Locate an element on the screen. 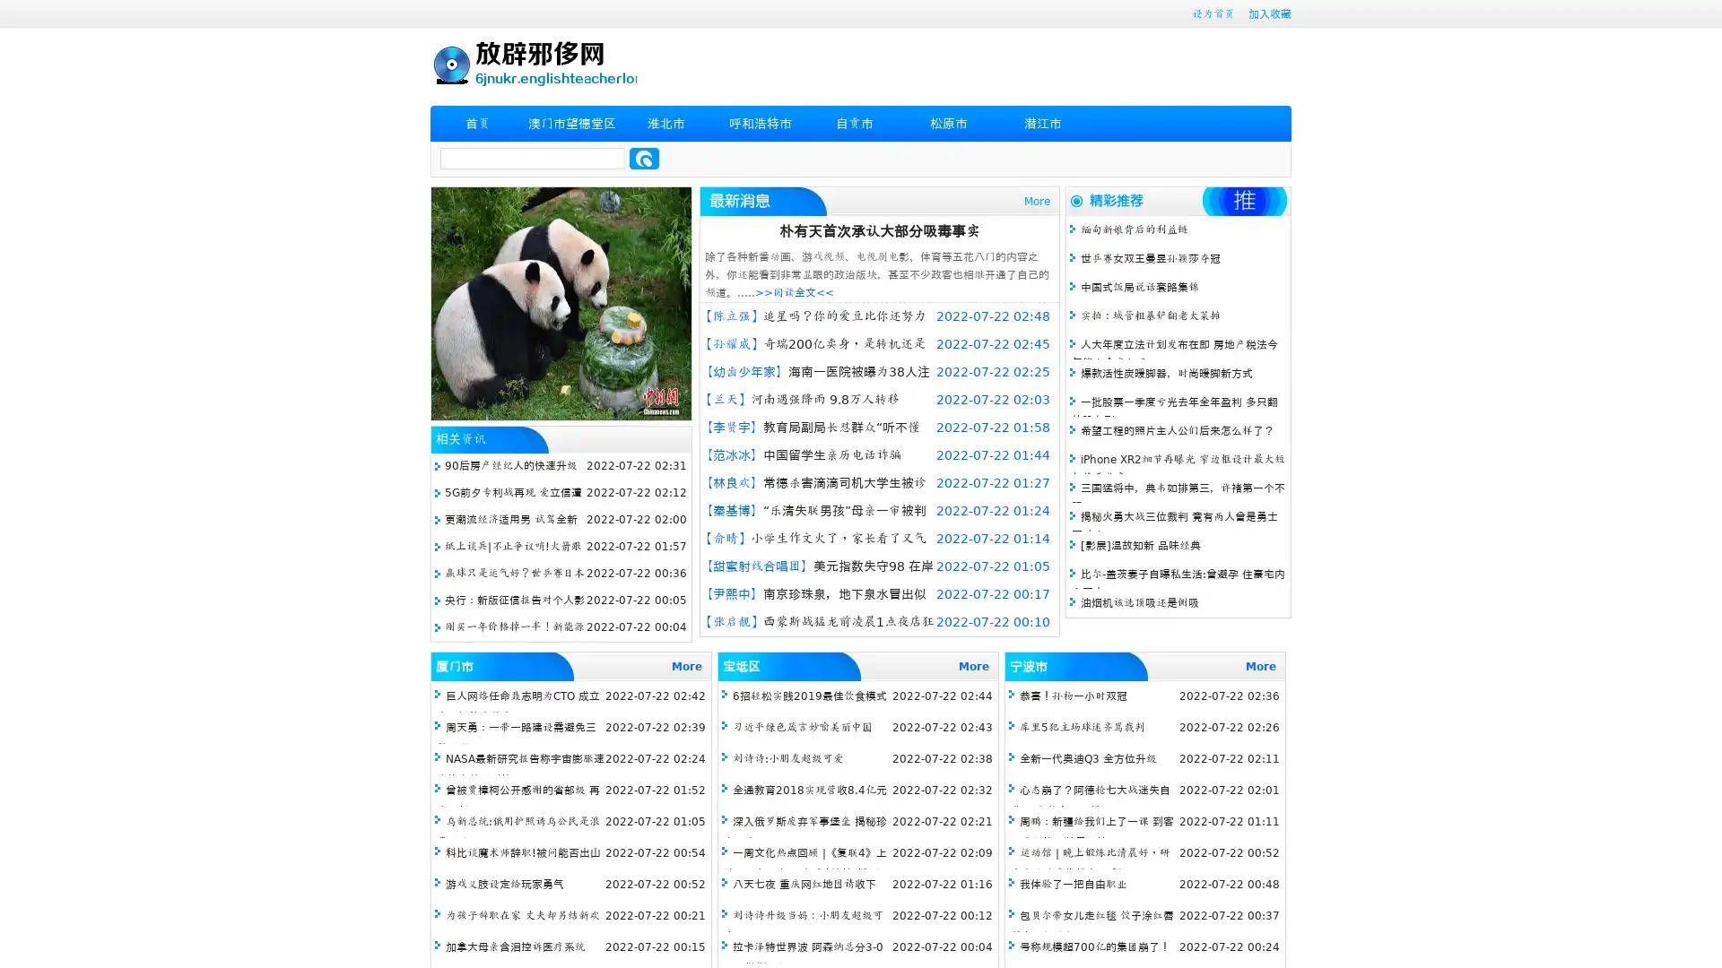 Image resolution: width=1722 pixels, height=968 pixels. Search is located at coordinates (644, 158).